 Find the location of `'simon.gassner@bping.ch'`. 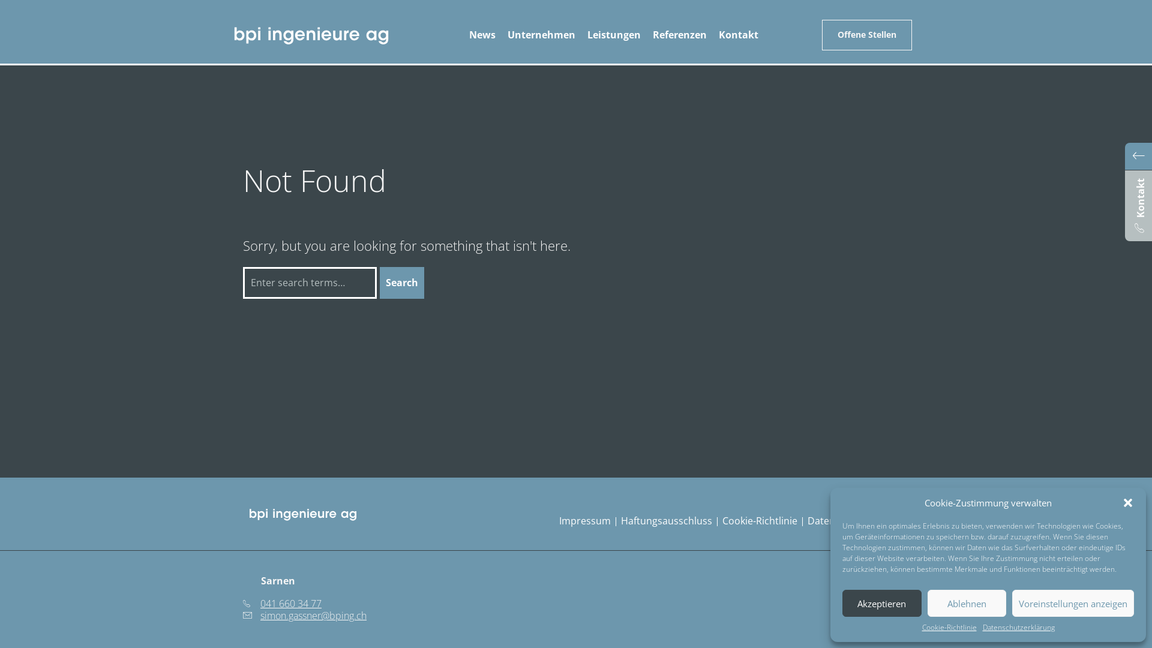

'simon.gassner@bping.ch' is located at coordinates (305, 616).